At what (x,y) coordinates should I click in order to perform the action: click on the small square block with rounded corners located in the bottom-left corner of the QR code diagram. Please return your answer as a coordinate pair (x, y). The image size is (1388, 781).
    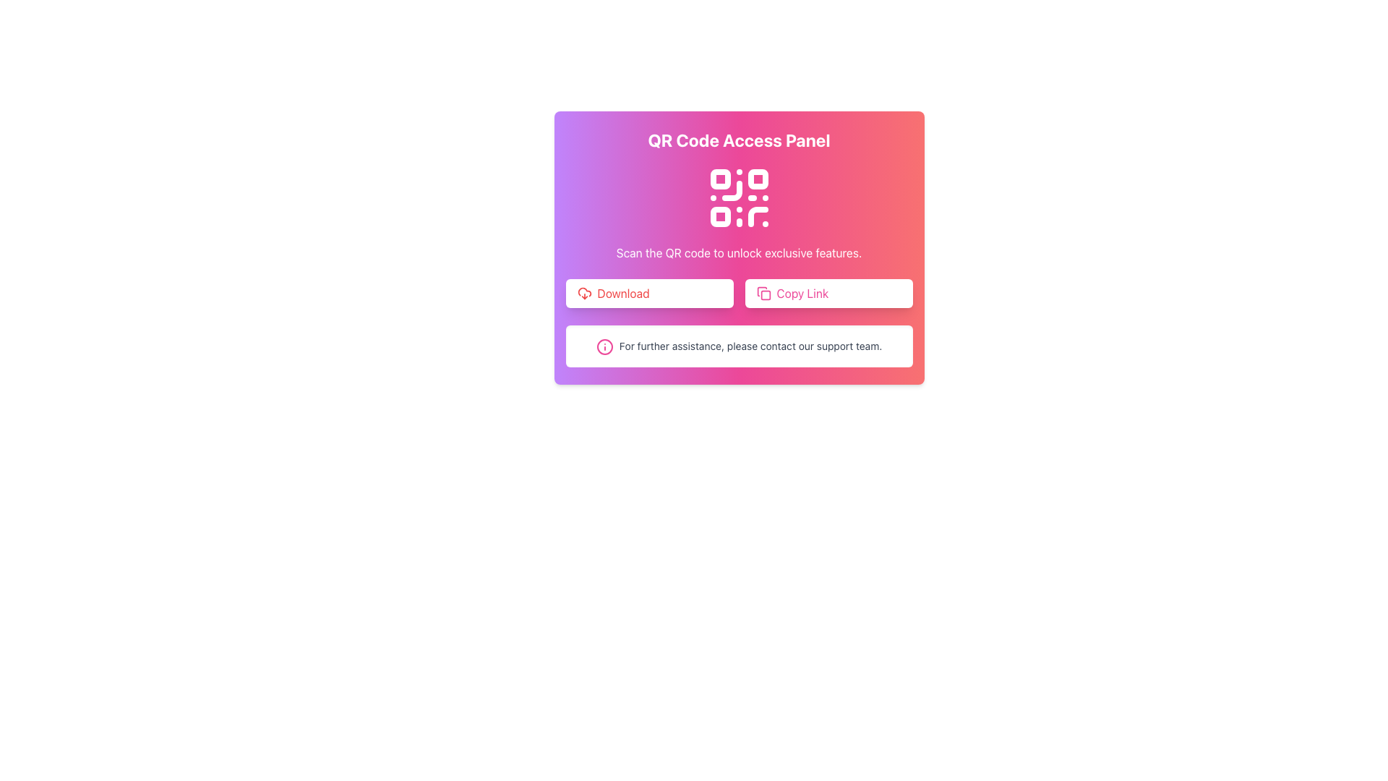
    Looking at the image, I should click on (720, 217).